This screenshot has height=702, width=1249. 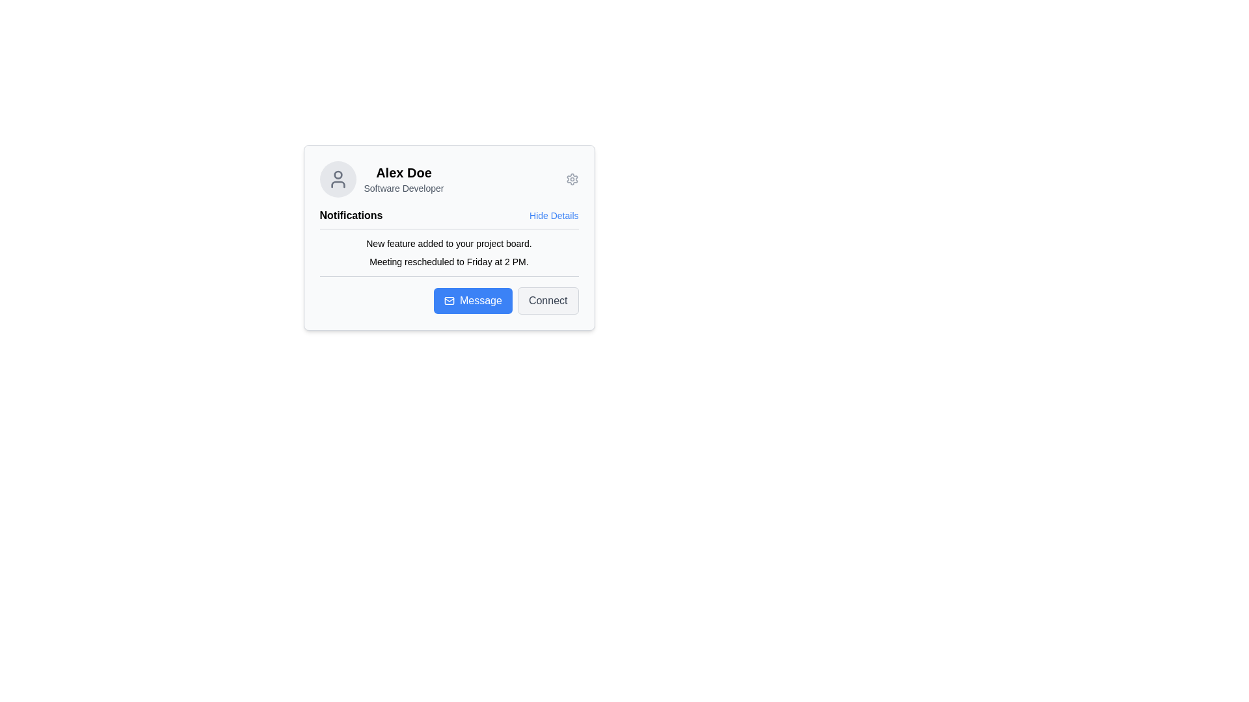 I want to click on text element displaying the name 'Alex Doe', which is positioned at the top left of the profile card layout, so click(x=403, y=172).